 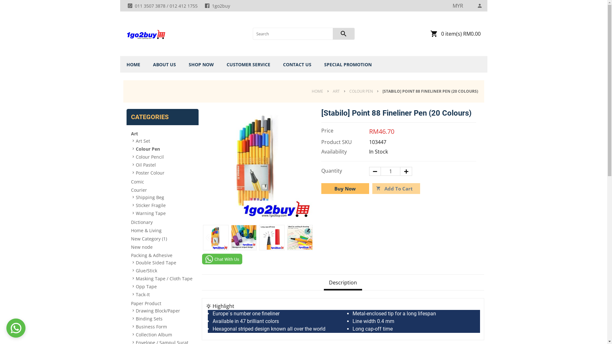 I want to click on 'Description', so click(x=342, y=283).